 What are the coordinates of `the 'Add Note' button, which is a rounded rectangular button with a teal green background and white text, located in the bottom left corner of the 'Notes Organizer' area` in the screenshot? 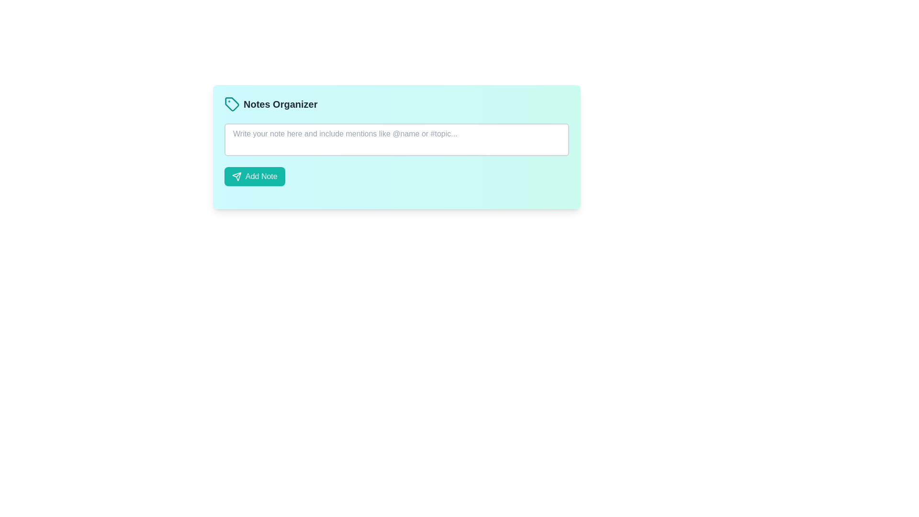 It's located at (255, 177).